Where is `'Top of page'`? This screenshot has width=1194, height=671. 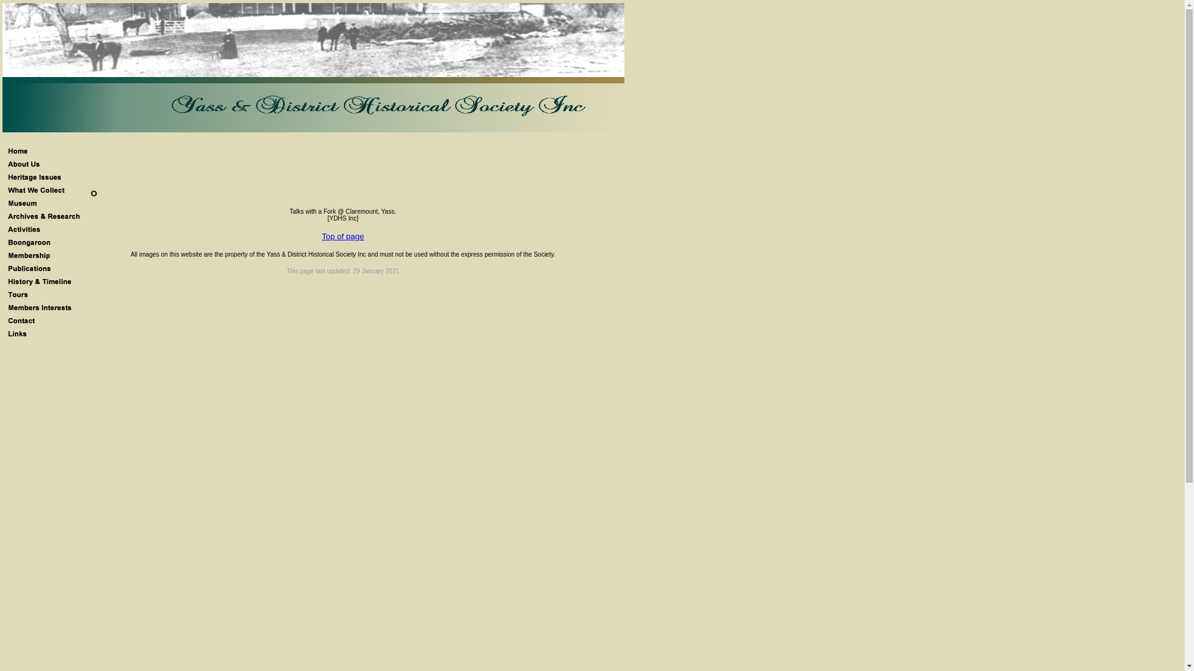
'Top of page' is located at coordinates (343, 236).